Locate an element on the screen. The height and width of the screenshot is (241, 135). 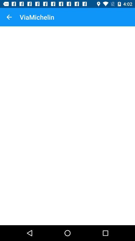
the icon at the center is located at coordinates (67, 126).